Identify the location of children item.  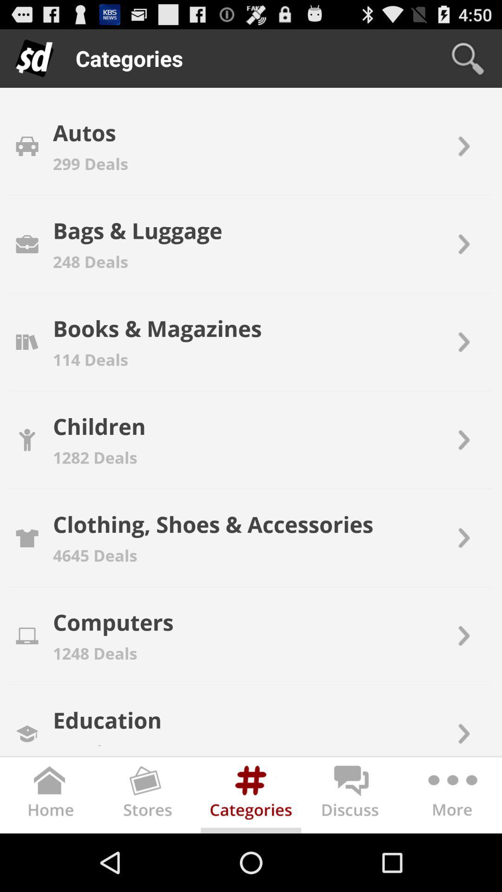
(99, 426).